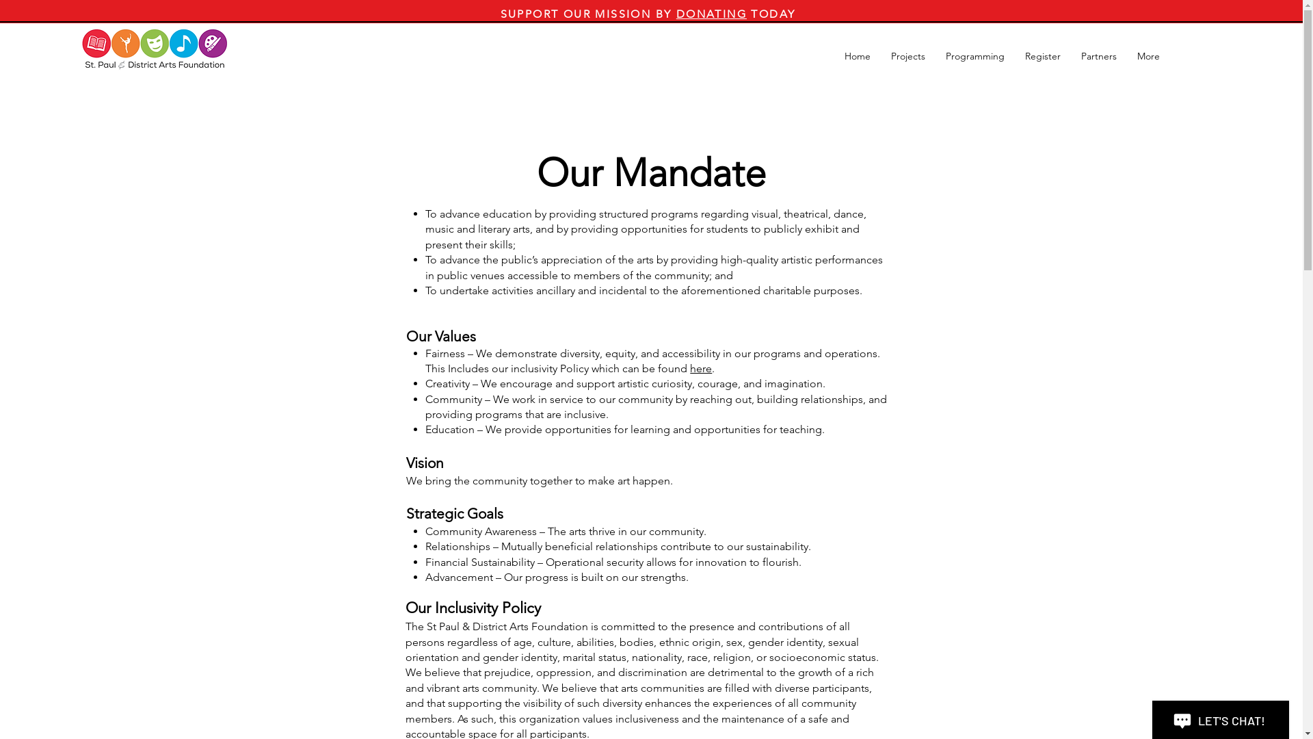 This screenshot has height=739, width=1313. I want to click on 'Register', so click(1014, 55).